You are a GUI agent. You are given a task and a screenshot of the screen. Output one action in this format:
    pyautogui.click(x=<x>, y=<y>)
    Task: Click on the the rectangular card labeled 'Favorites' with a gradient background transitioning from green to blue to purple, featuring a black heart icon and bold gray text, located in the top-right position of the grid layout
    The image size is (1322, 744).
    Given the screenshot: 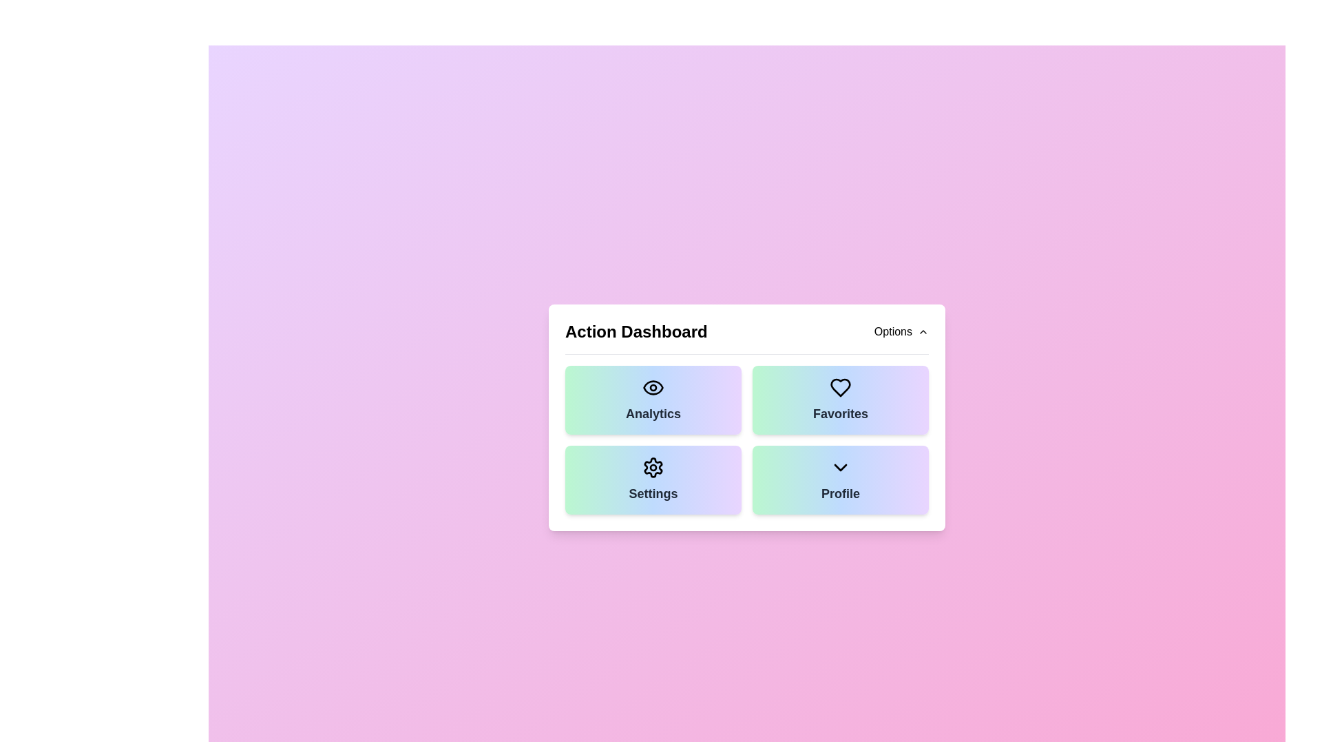 What is the action you would take?
    pyautogui.click(x=839, y=400)
    